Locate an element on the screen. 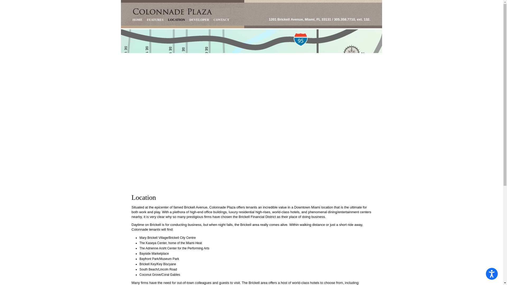 The image size is (507, 285). 'LOCATION' is located at coordinates (176, 20).